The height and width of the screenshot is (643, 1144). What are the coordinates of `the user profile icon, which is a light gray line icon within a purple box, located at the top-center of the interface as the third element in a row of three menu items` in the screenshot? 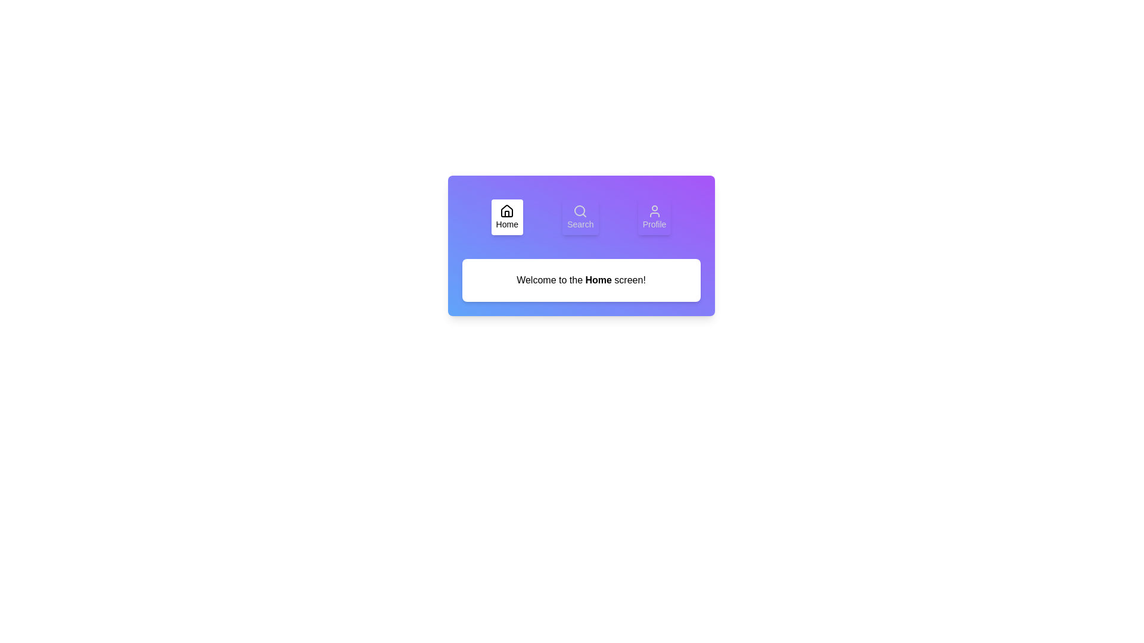 It's located at (654, 210).